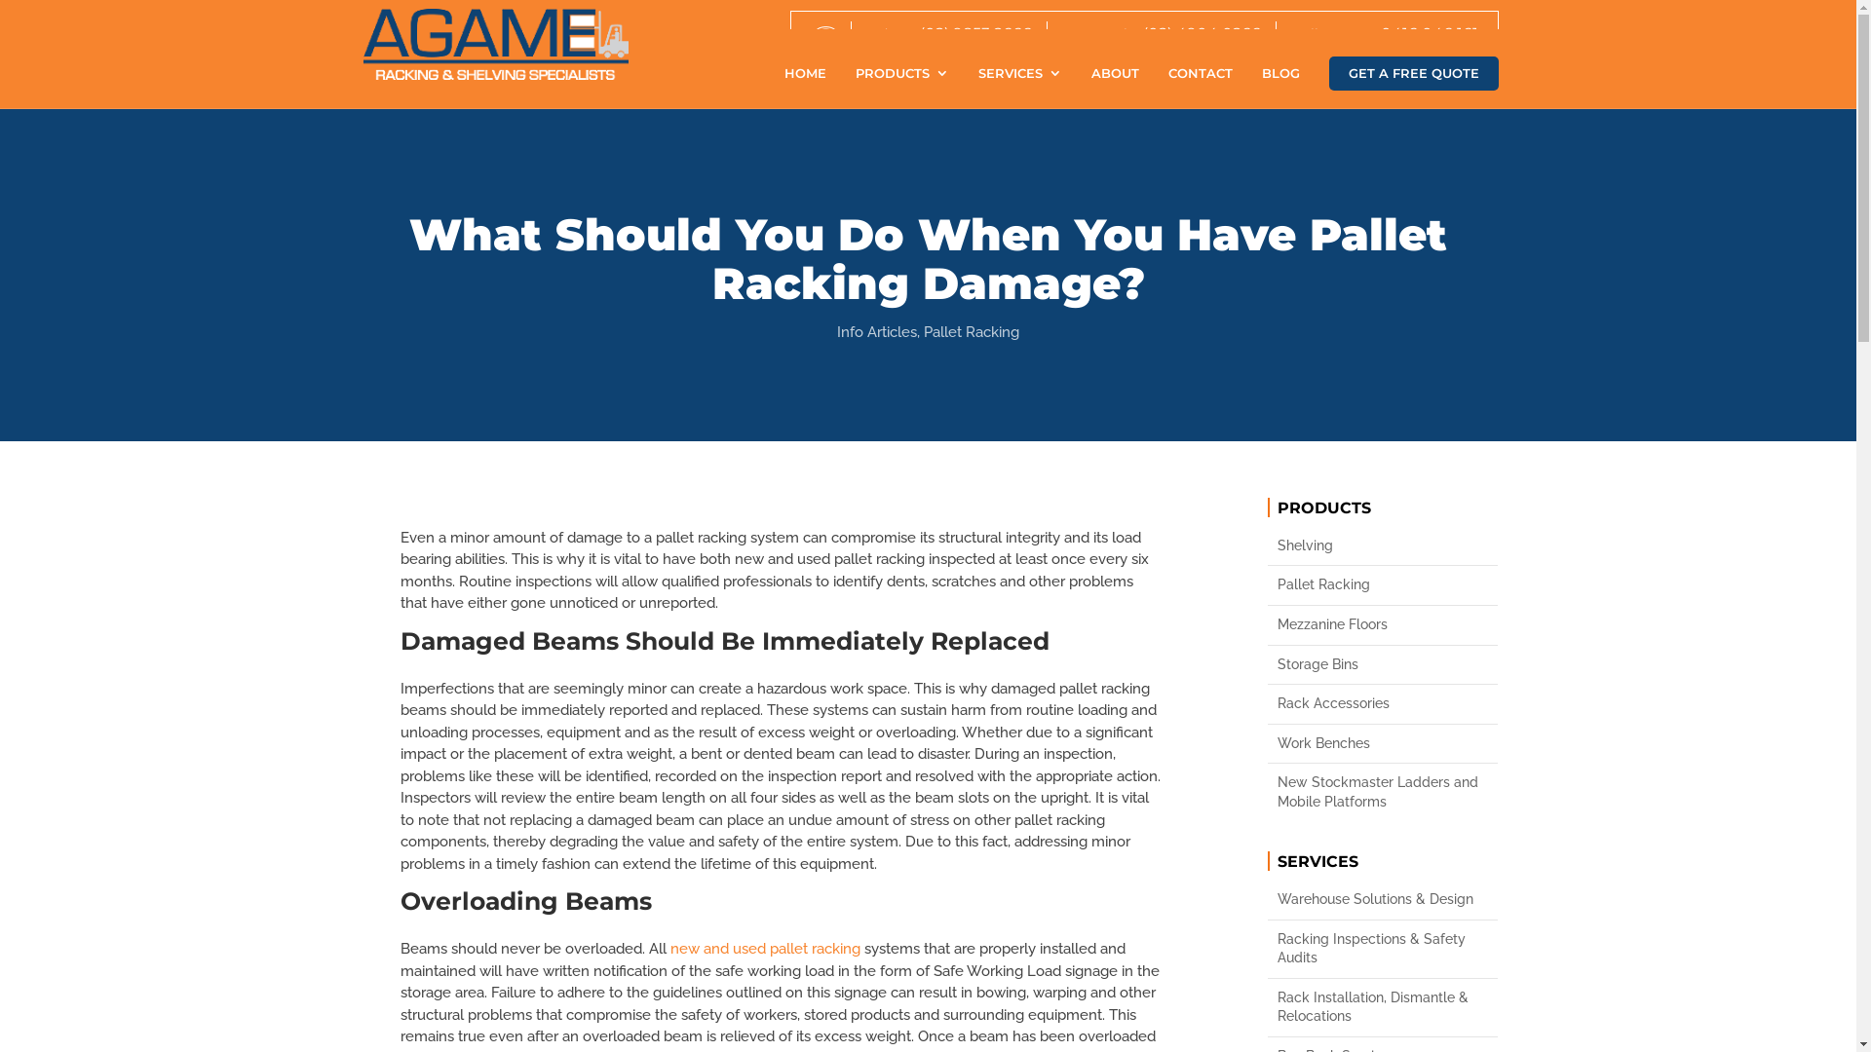  What do you see at coordinates (1413, 72) in the screenshot?
I see `'GET A FREE QUOTE'` at bounding box center [1413, 72].